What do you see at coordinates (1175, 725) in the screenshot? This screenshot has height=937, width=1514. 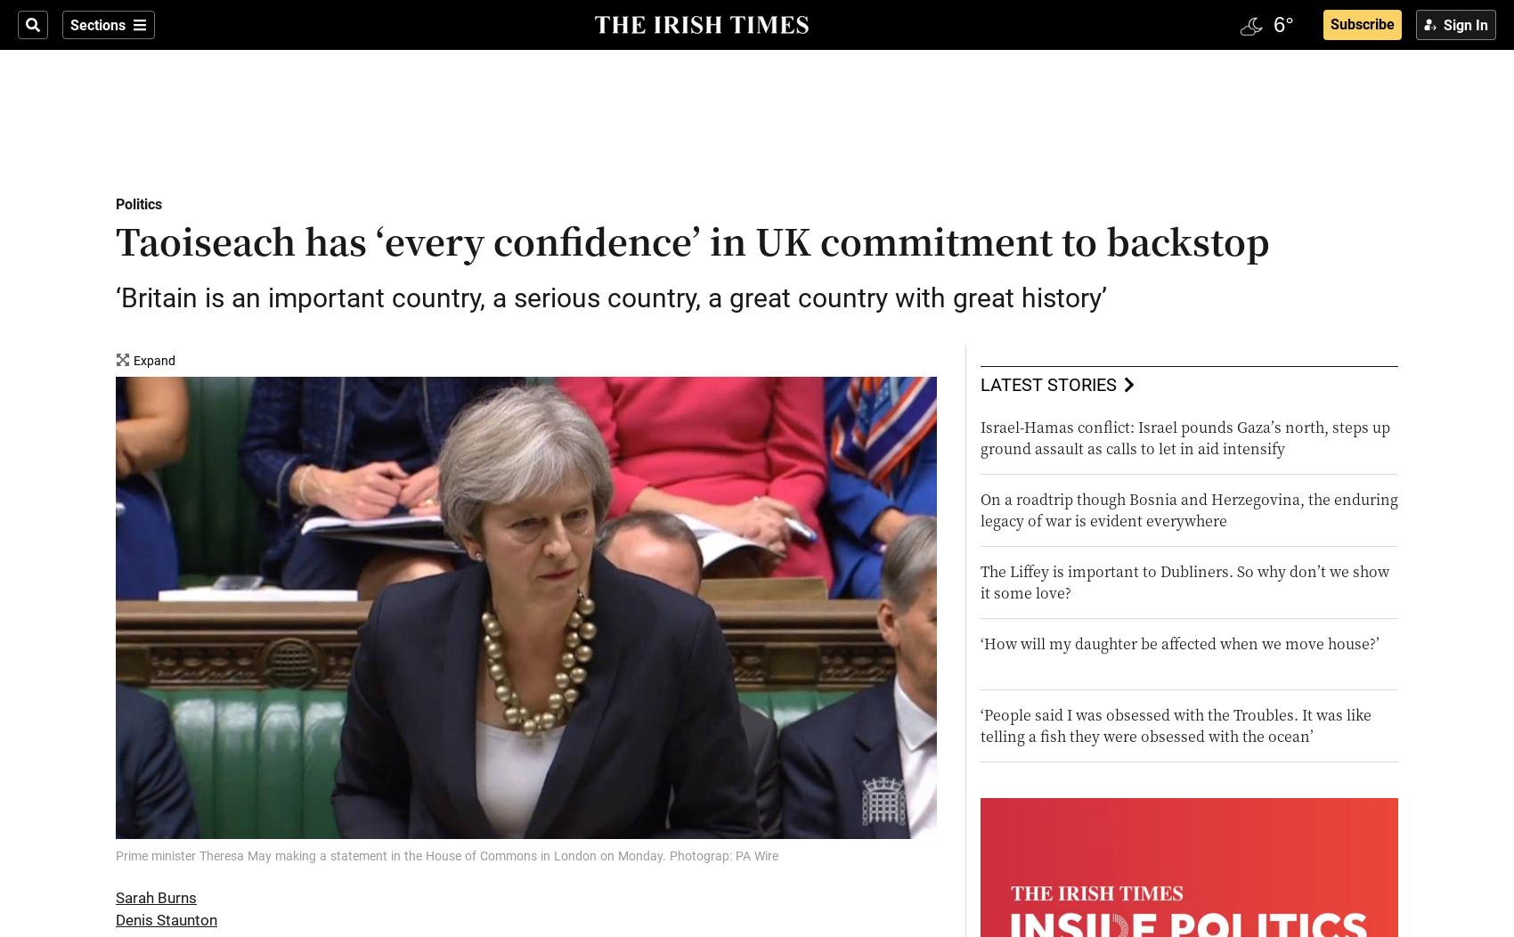 I see `'‘People said I was obsessed with the Troubles. It was like telling a fish they were obsessed with the ocean’'` at bounding box center [1175, 725].